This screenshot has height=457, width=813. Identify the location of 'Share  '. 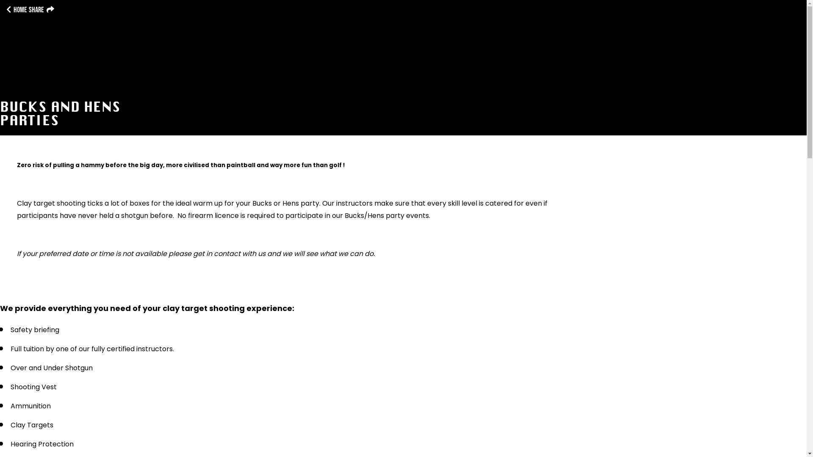
(41, 10).